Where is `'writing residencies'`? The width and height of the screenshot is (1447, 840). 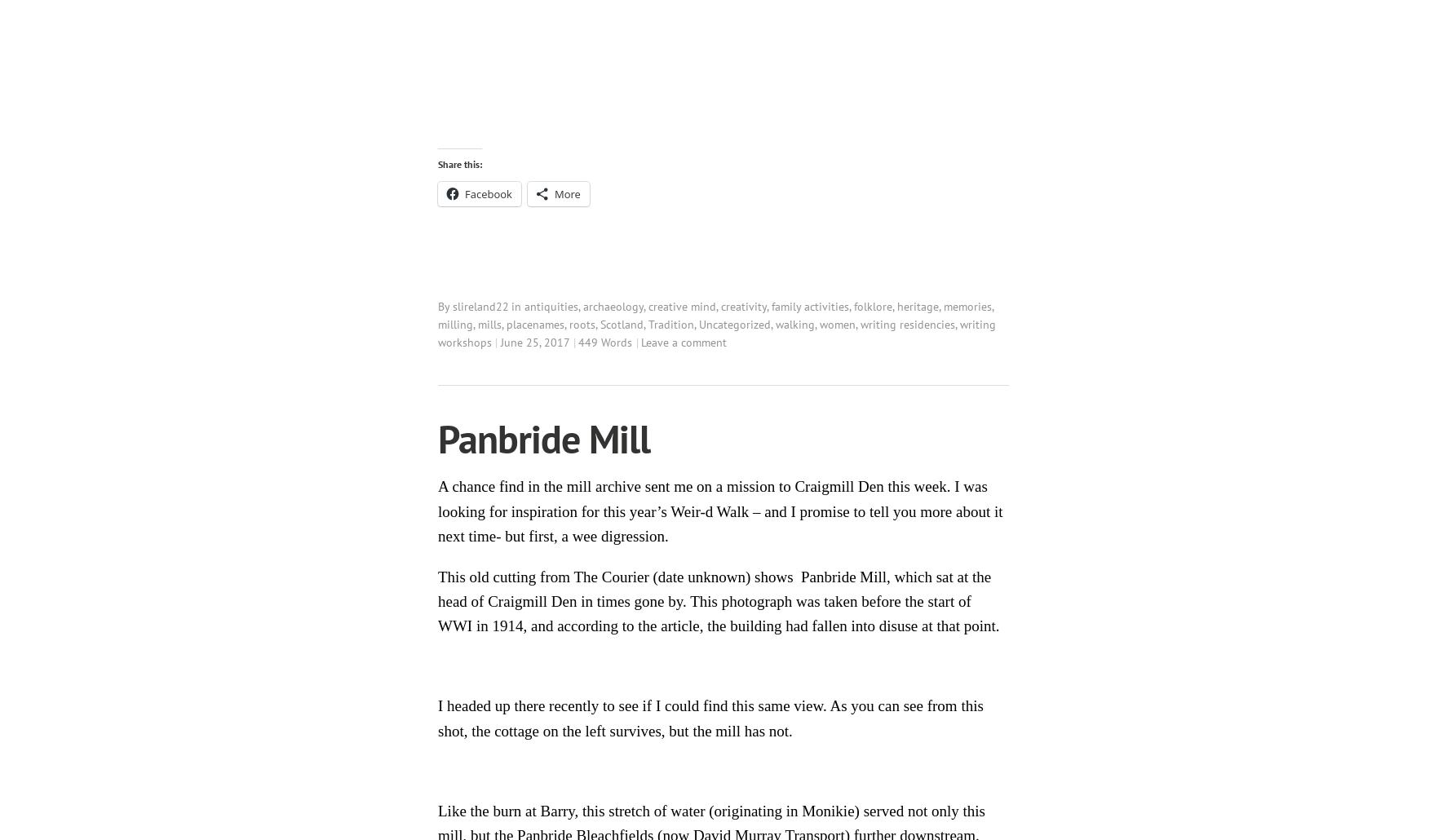
'writing residencies' is located at coordinates (907, 324).